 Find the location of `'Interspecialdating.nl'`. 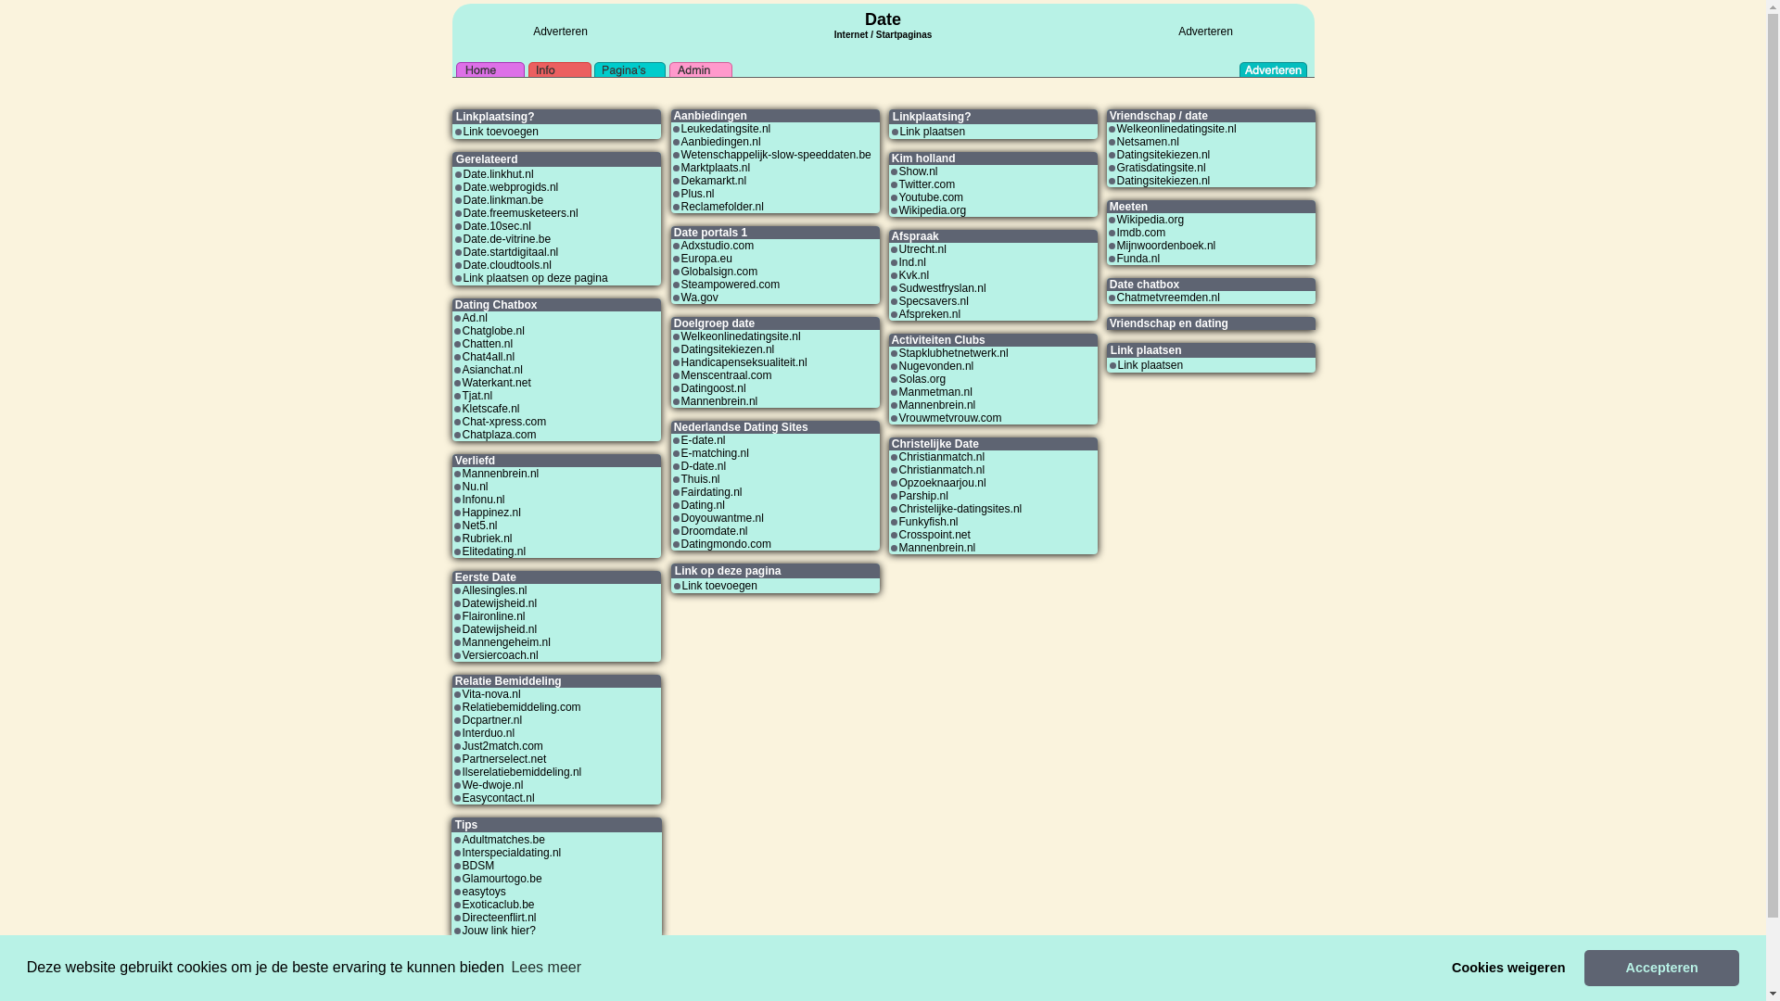

'Interspecialdating.nl' is located at coordinates (511, 853).